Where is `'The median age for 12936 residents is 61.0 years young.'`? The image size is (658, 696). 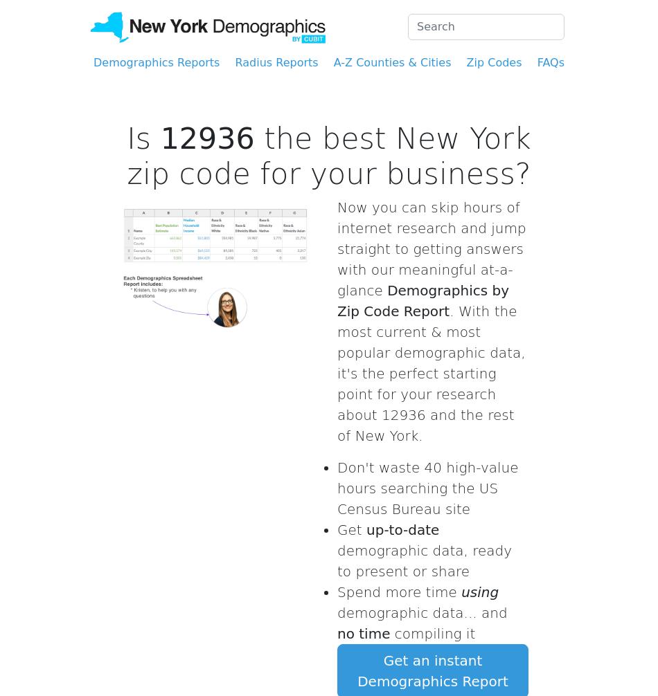
'The median age for 12936 residents is 61.0 years young.' is located at coordinates (445, 68).